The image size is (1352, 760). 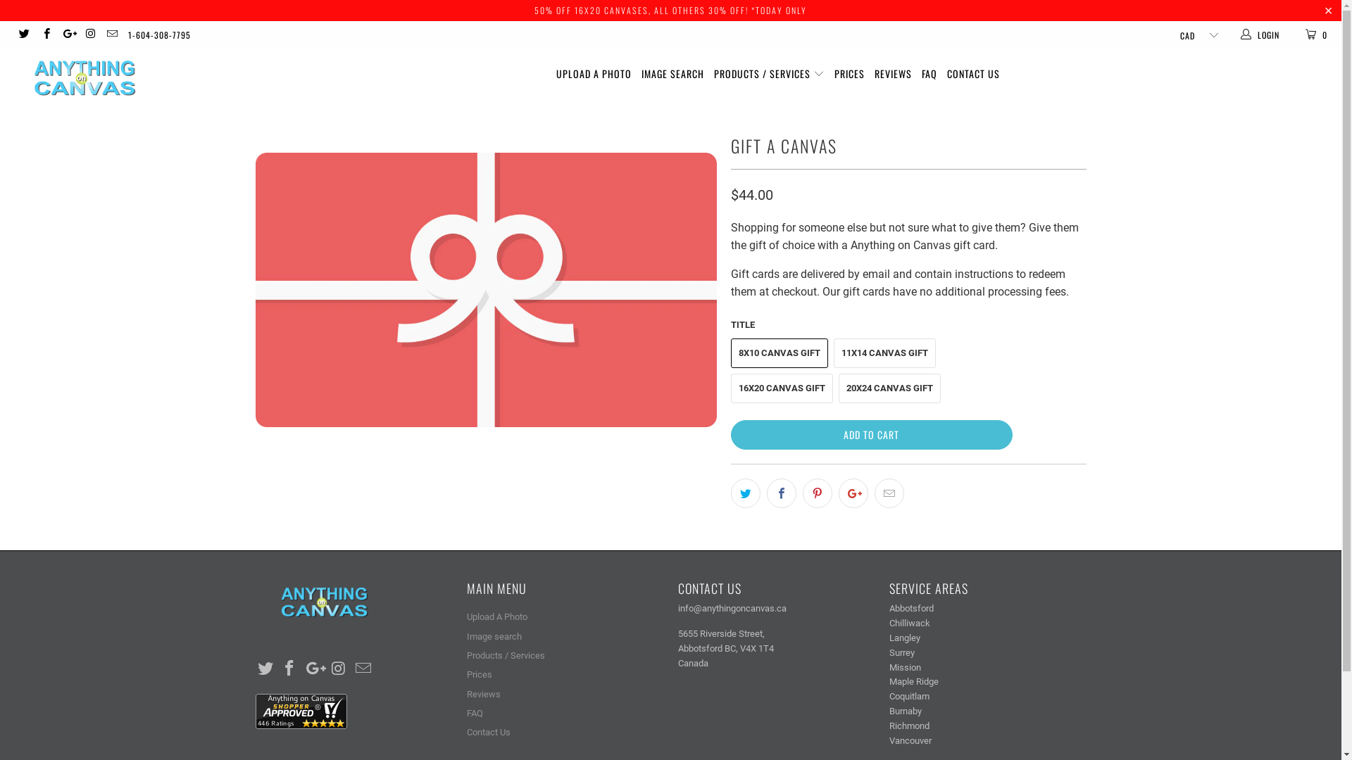 What do you see at coordinates (892, 74) in the screenshot?
I see `'REVIEWS'` at bounding box center [892, 74].